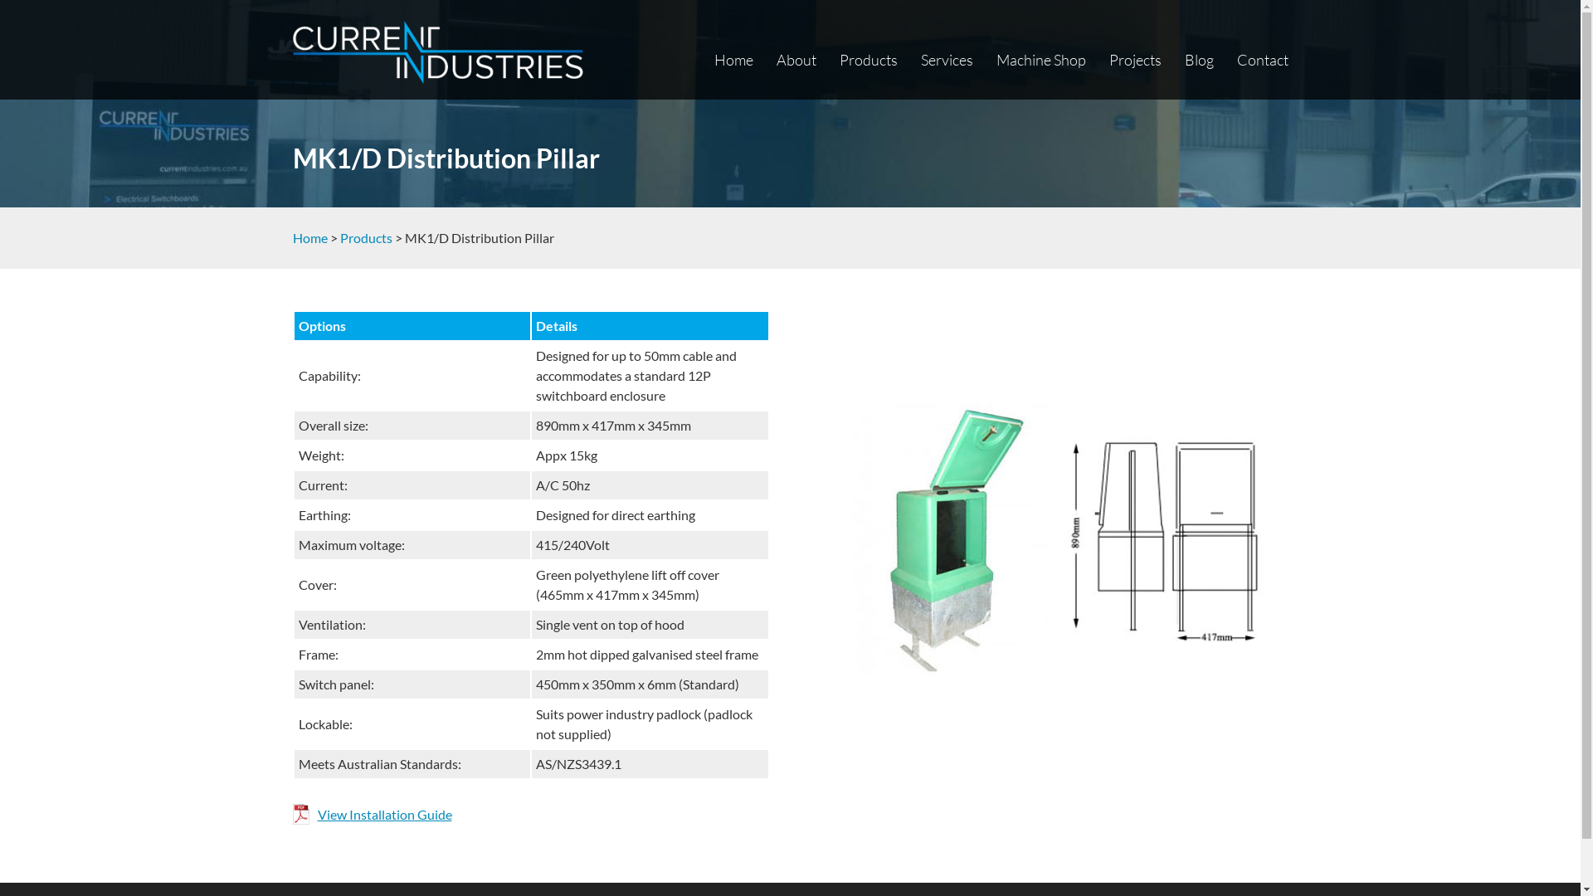  Describe the element at coordinates (1039, 59) in the screenshot. I see `'Machine Shop'` at that location.